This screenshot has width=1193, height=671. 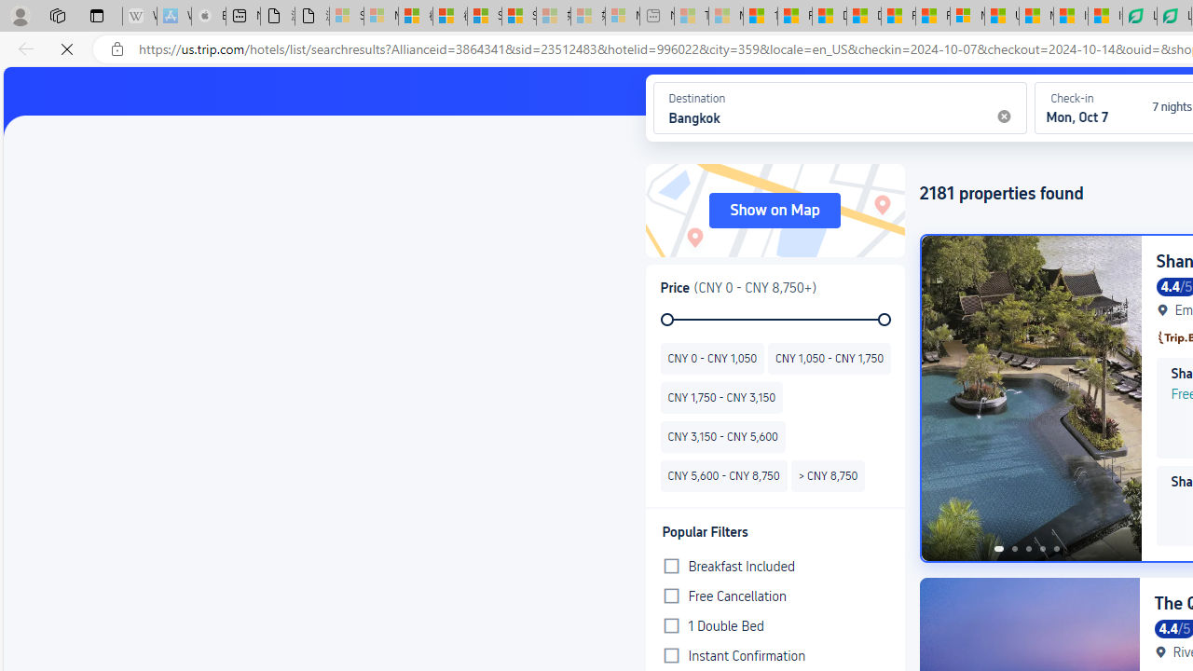 What do you see at coordinates (1139, 16) in the screenshot?
I see `'LendingTree - Compare Lenders'` at bounding box center [1139, 16].